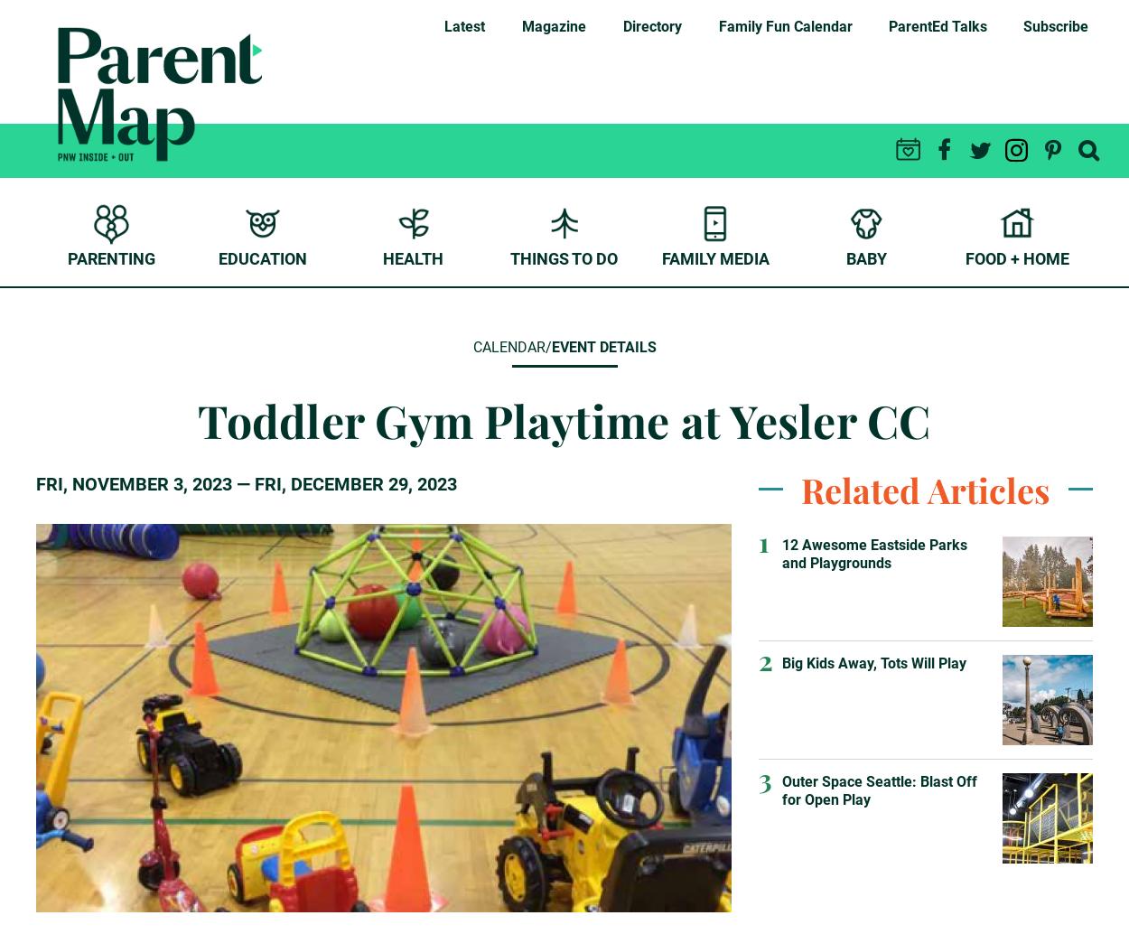 This screenshot has height=934, width=1129. I want to click on 'Twitter', so click(996, 187).